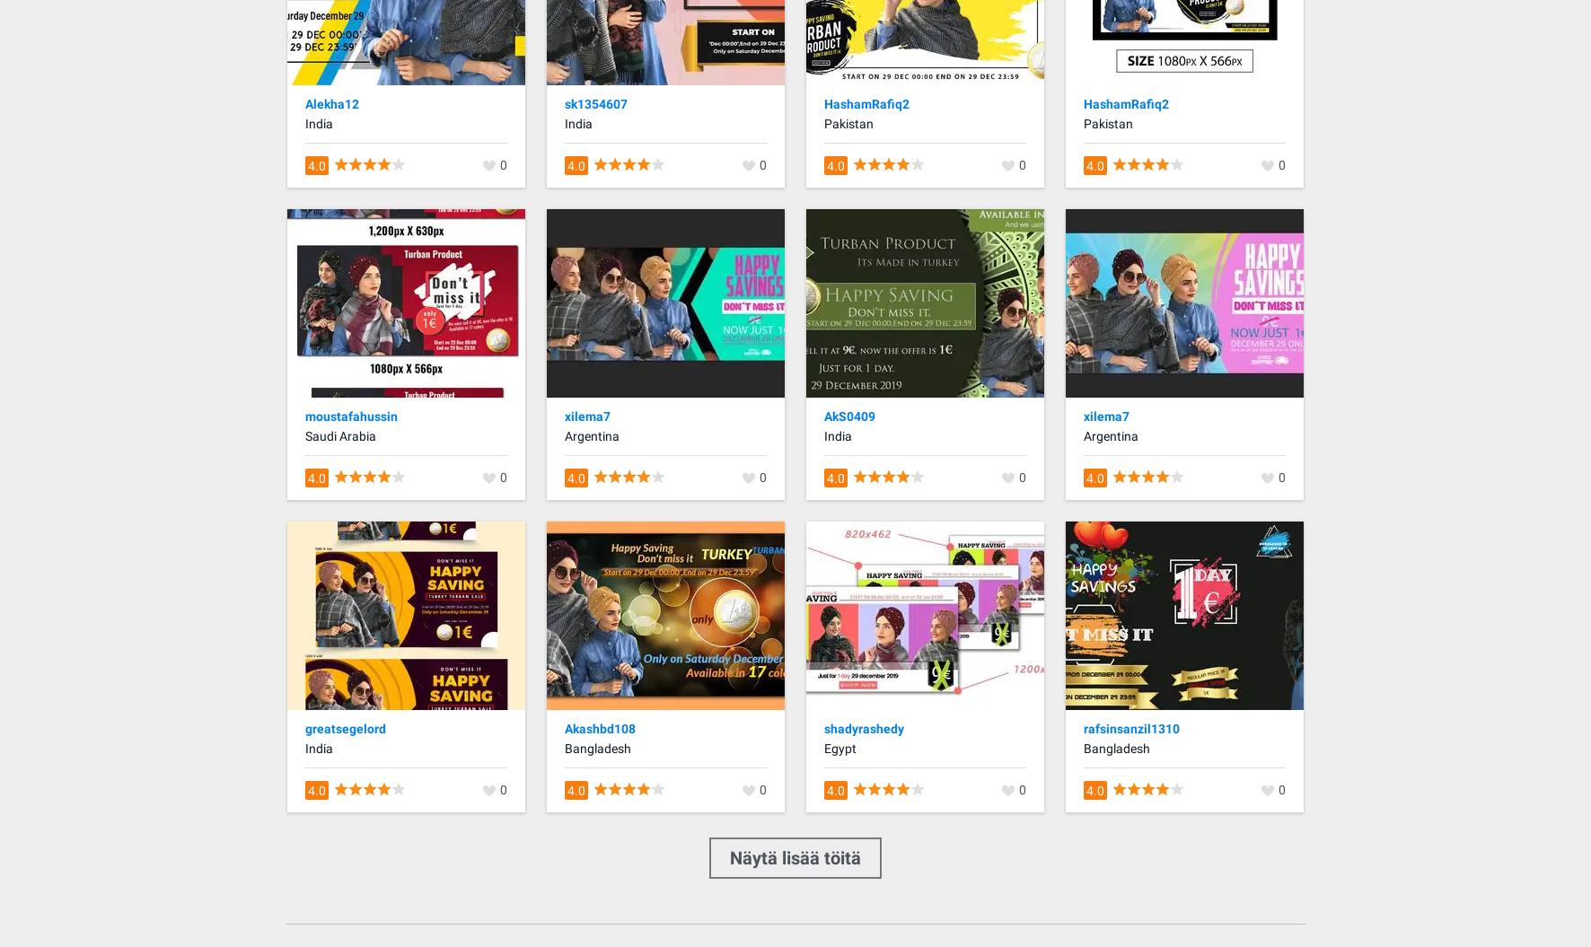  I want to click on 'Akashbd108', so click(599, 726).